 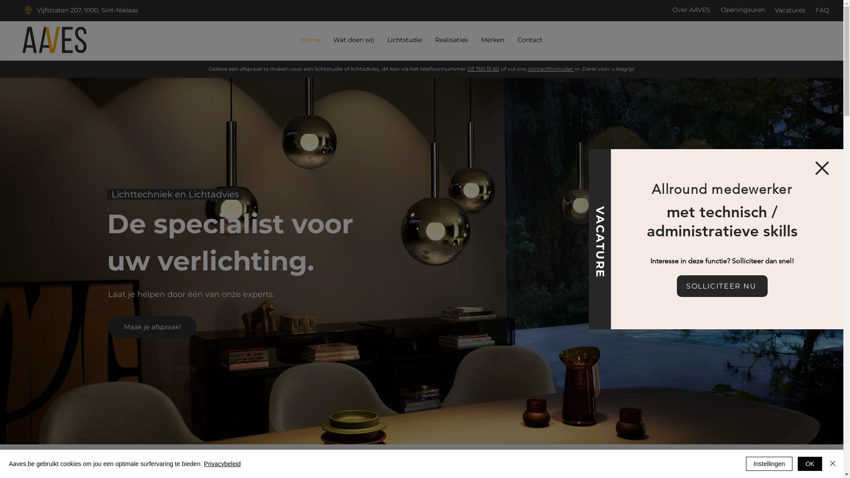 I want to click on 'Terug naar de website', so click(x=822, y=167).